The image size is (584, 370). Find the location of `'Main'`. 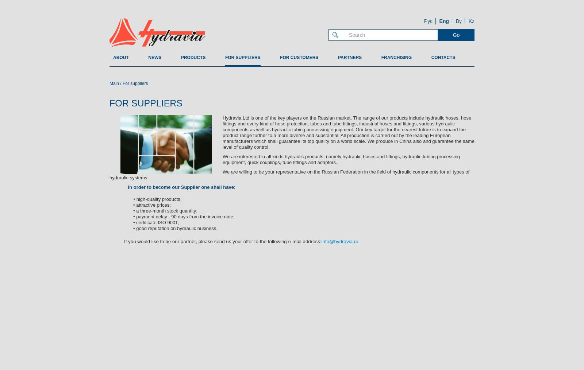

'Main' is located at coordinates (114, 83).